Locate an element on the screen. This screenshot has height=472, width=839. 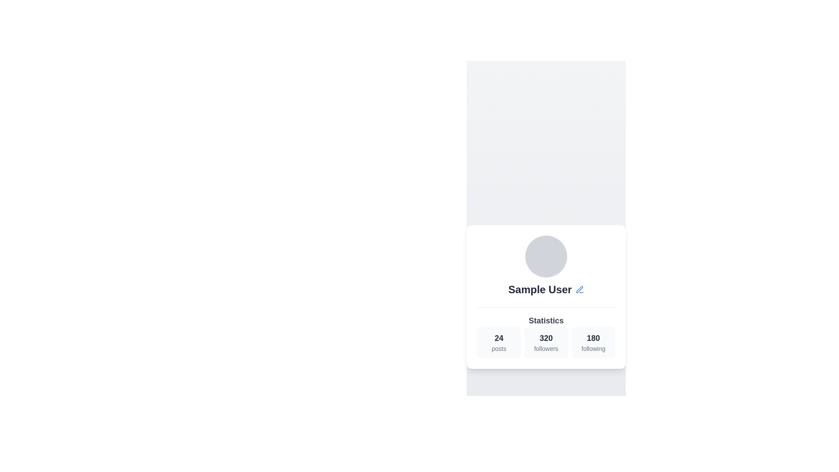
displayed username 'Sample User' from the text label that includes a pencil icon for editing, positioned centrally below a profile image placeholder is located at coordinates (545, 289).